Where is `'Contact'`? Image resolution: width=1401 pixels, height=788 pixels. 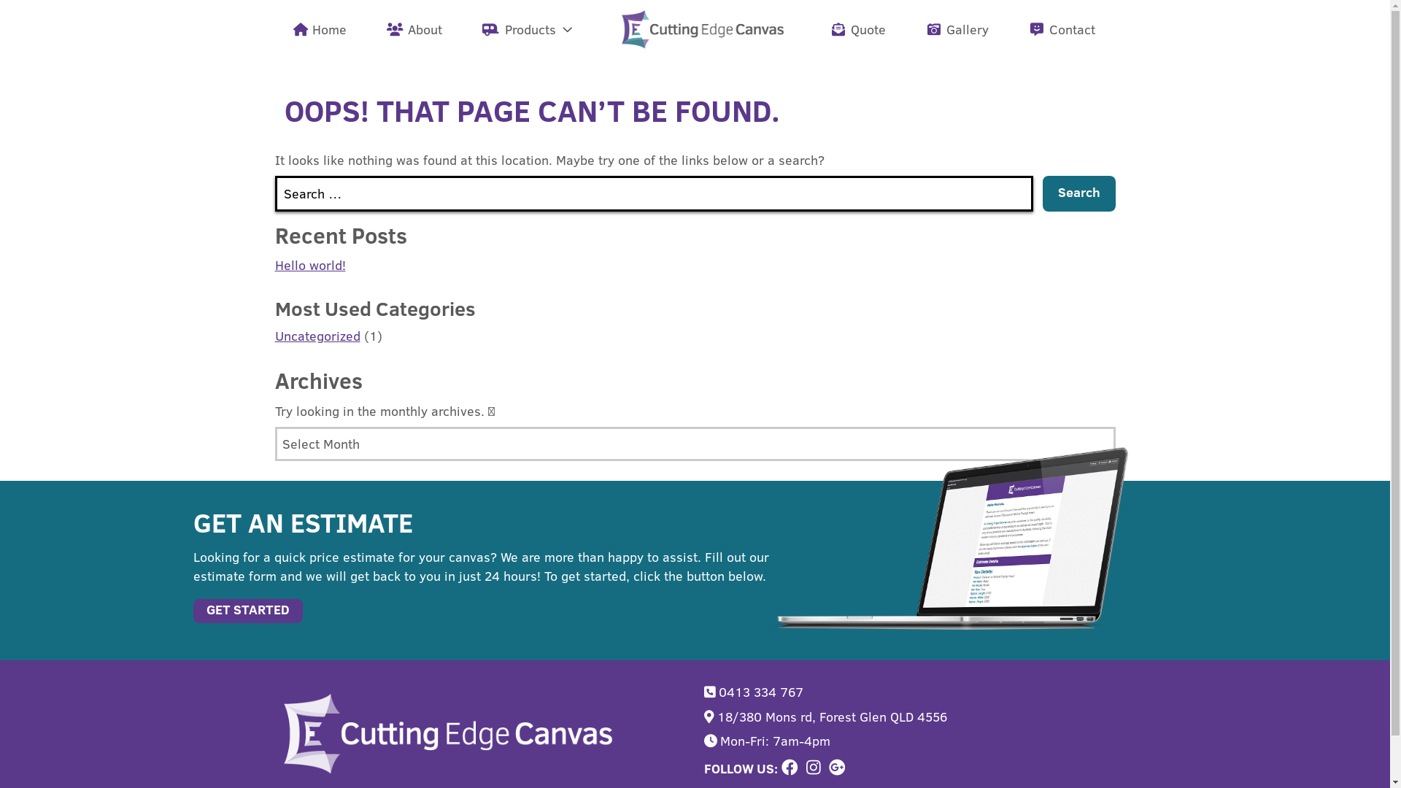 'Contact' is located at coordinates (1063, 28).